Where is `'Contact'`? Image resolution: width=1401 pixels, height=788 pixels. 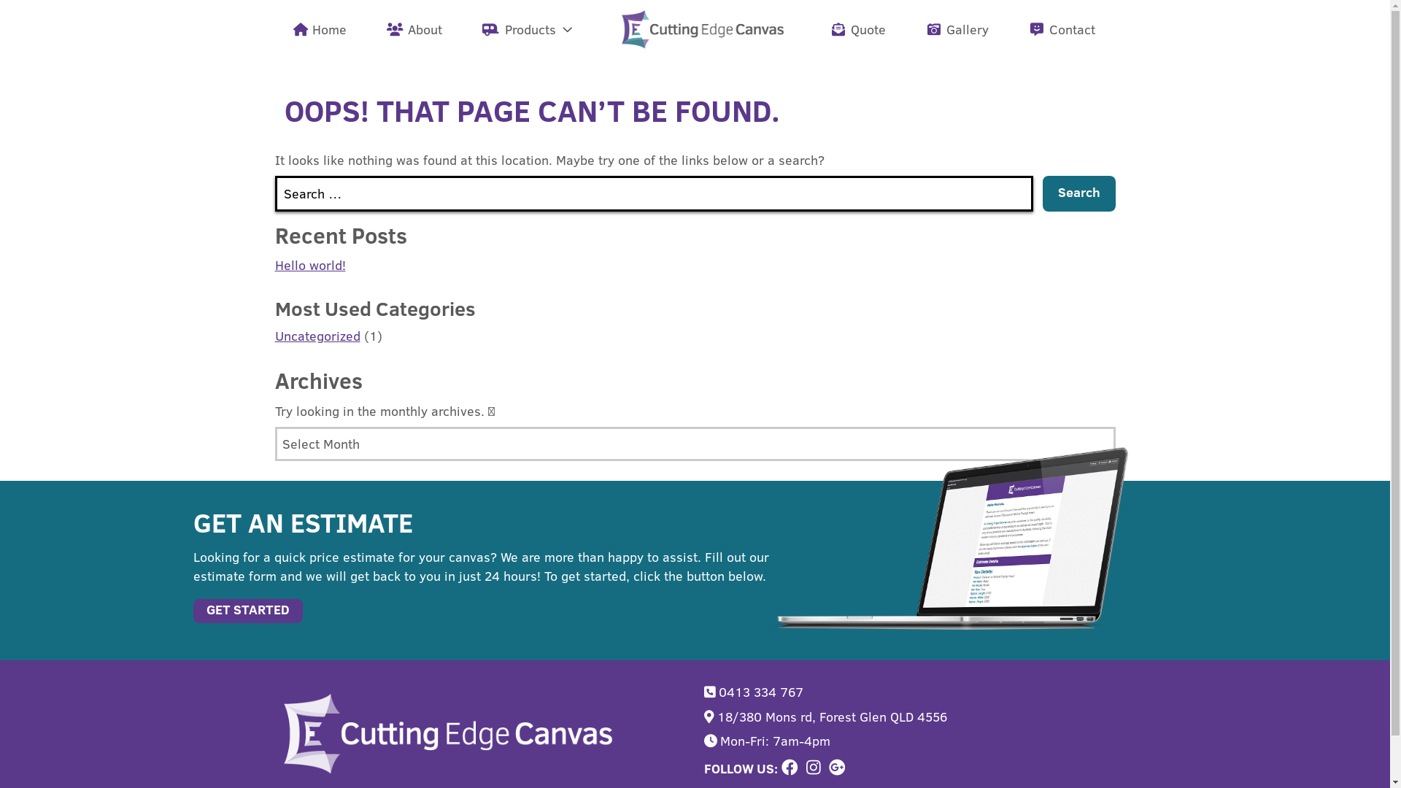 'Contact' is located at coordinates (1063, 28).